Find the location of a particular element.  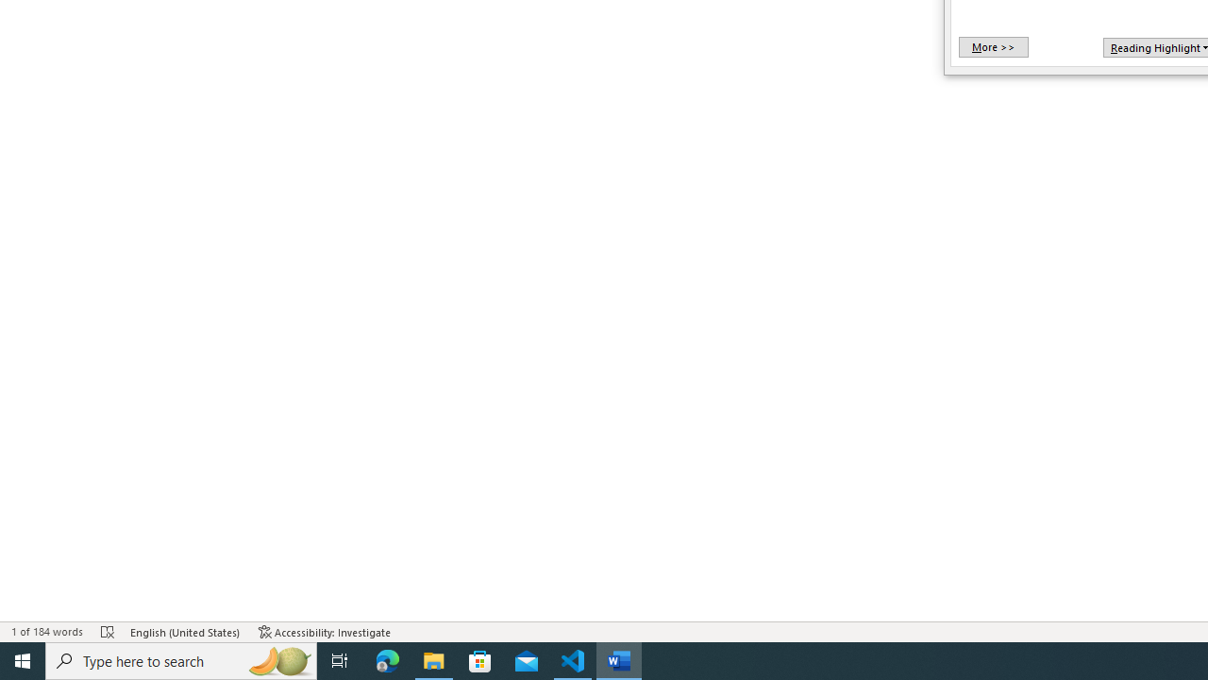

'Word Count 1 of 184 words' is located at coordinates (46, 632).